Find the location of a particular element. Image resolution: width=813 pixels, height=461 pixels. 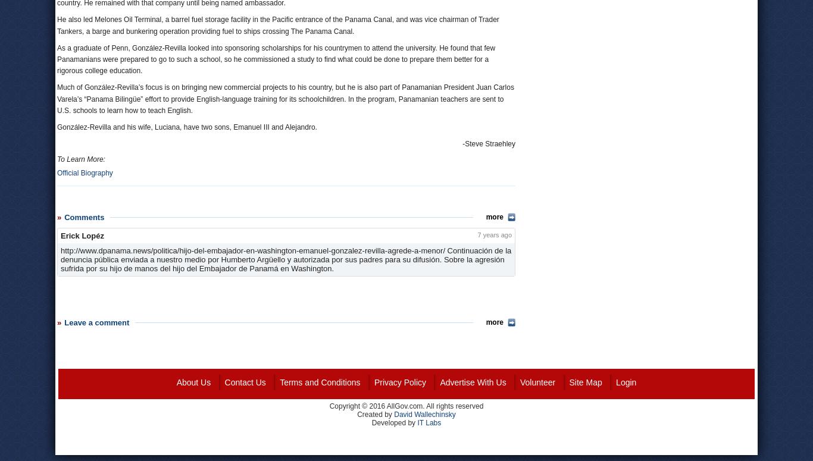

'Contact Us' is located at coordinates (244, 382).